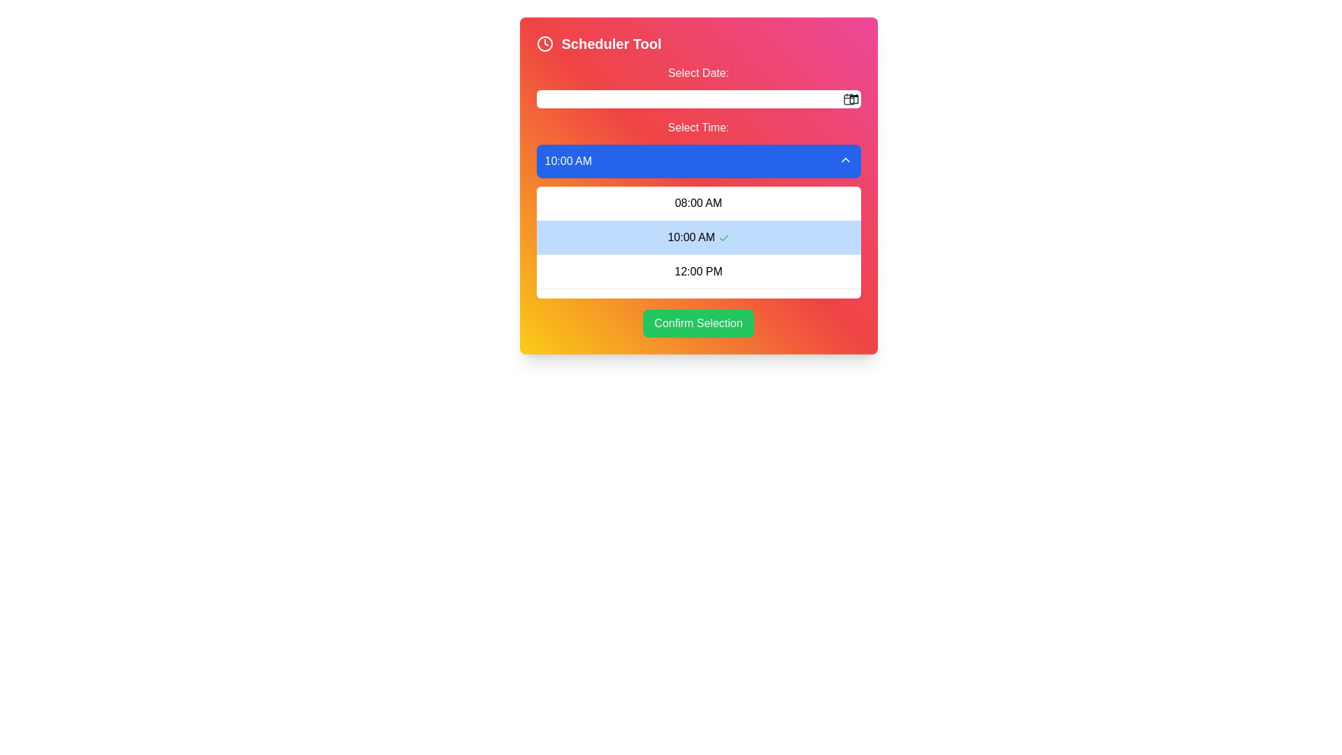 The image size is (1342, 755). What do you see at coordinates (611, 43) in the screenshot?
I see `the text label displaying 'Scheduler Tool', which is styled with bold white text inside a bright red box with rounded corners, located at the top of the interface` at bounding box center [611, 43].